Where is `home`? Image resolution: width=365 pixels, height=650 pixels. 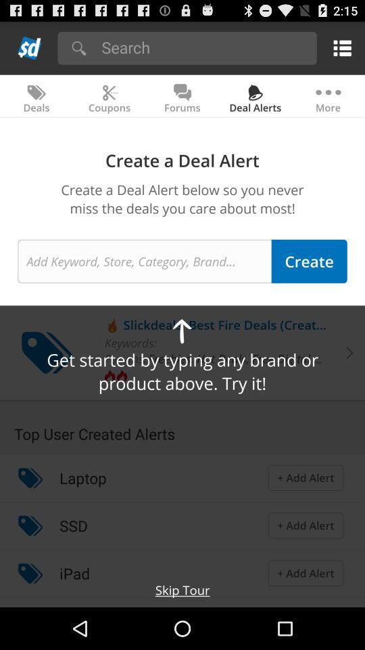 home is located at coordinates (30, 47).